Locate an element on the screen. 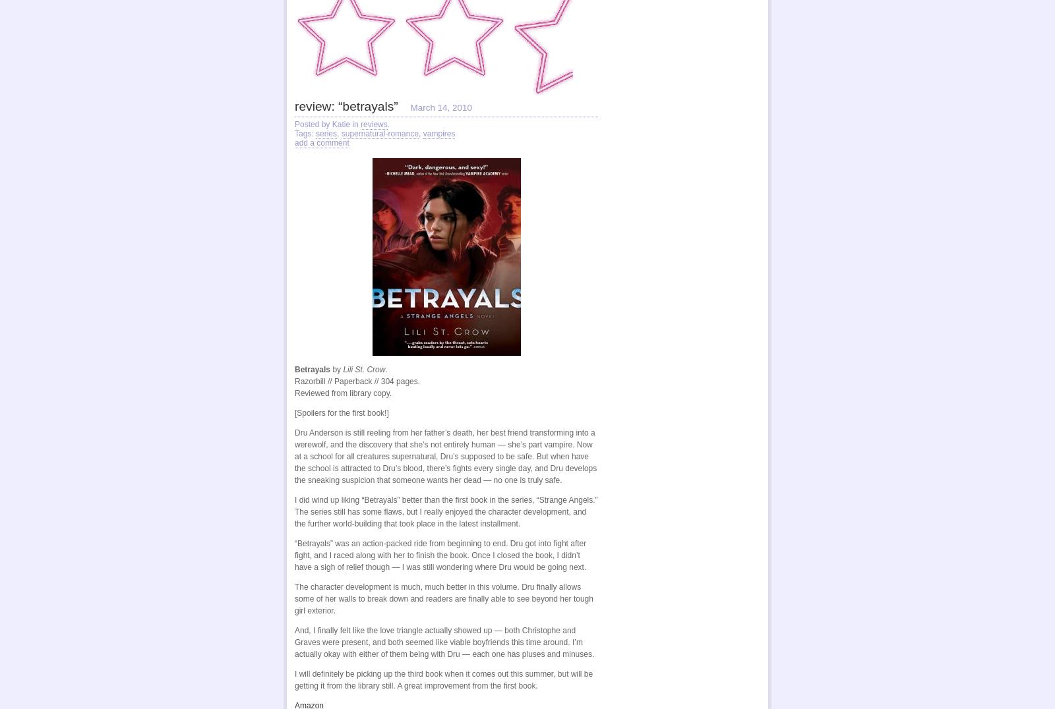  'add a comment' is located at coordinates (321, 142).